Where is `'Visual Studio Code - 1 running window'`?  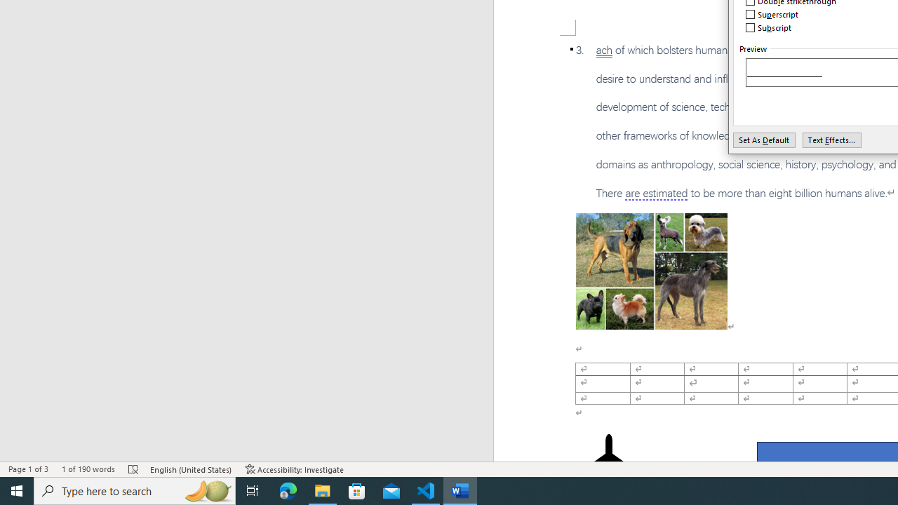 'Visual Studio Code - 1 running window' is located at coordinates (425, 490).